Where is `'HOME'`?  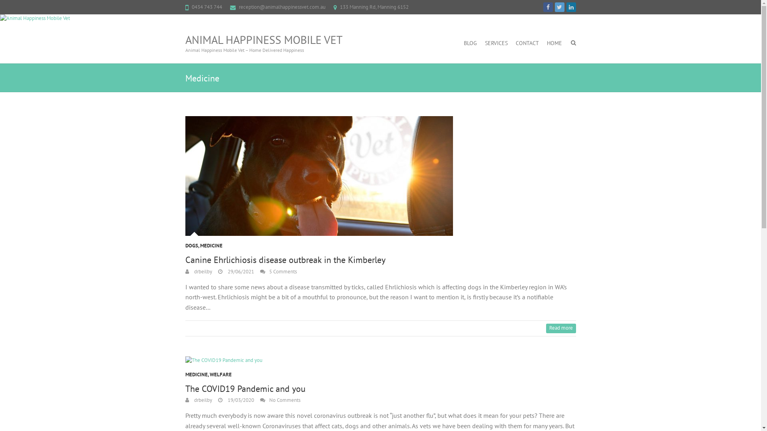
'HOME' is located at coordinates (554, 43).